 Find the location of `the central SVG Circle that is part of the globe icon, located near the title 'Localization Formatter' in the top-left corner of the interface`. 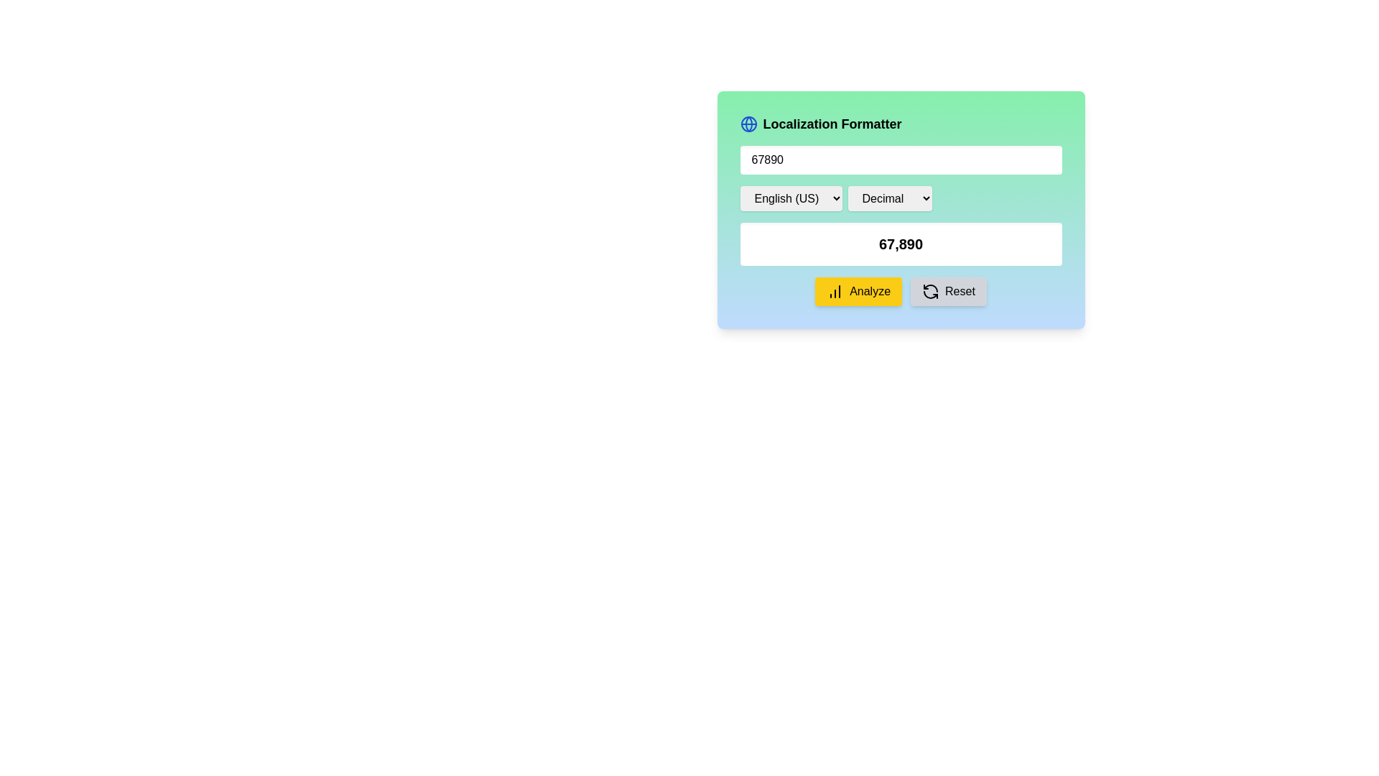

the central SVG Circle that is part of the globe icon, located near the title 'Localization Formatter' in the top-left corner of the interface is located at coordinates (748, 124).